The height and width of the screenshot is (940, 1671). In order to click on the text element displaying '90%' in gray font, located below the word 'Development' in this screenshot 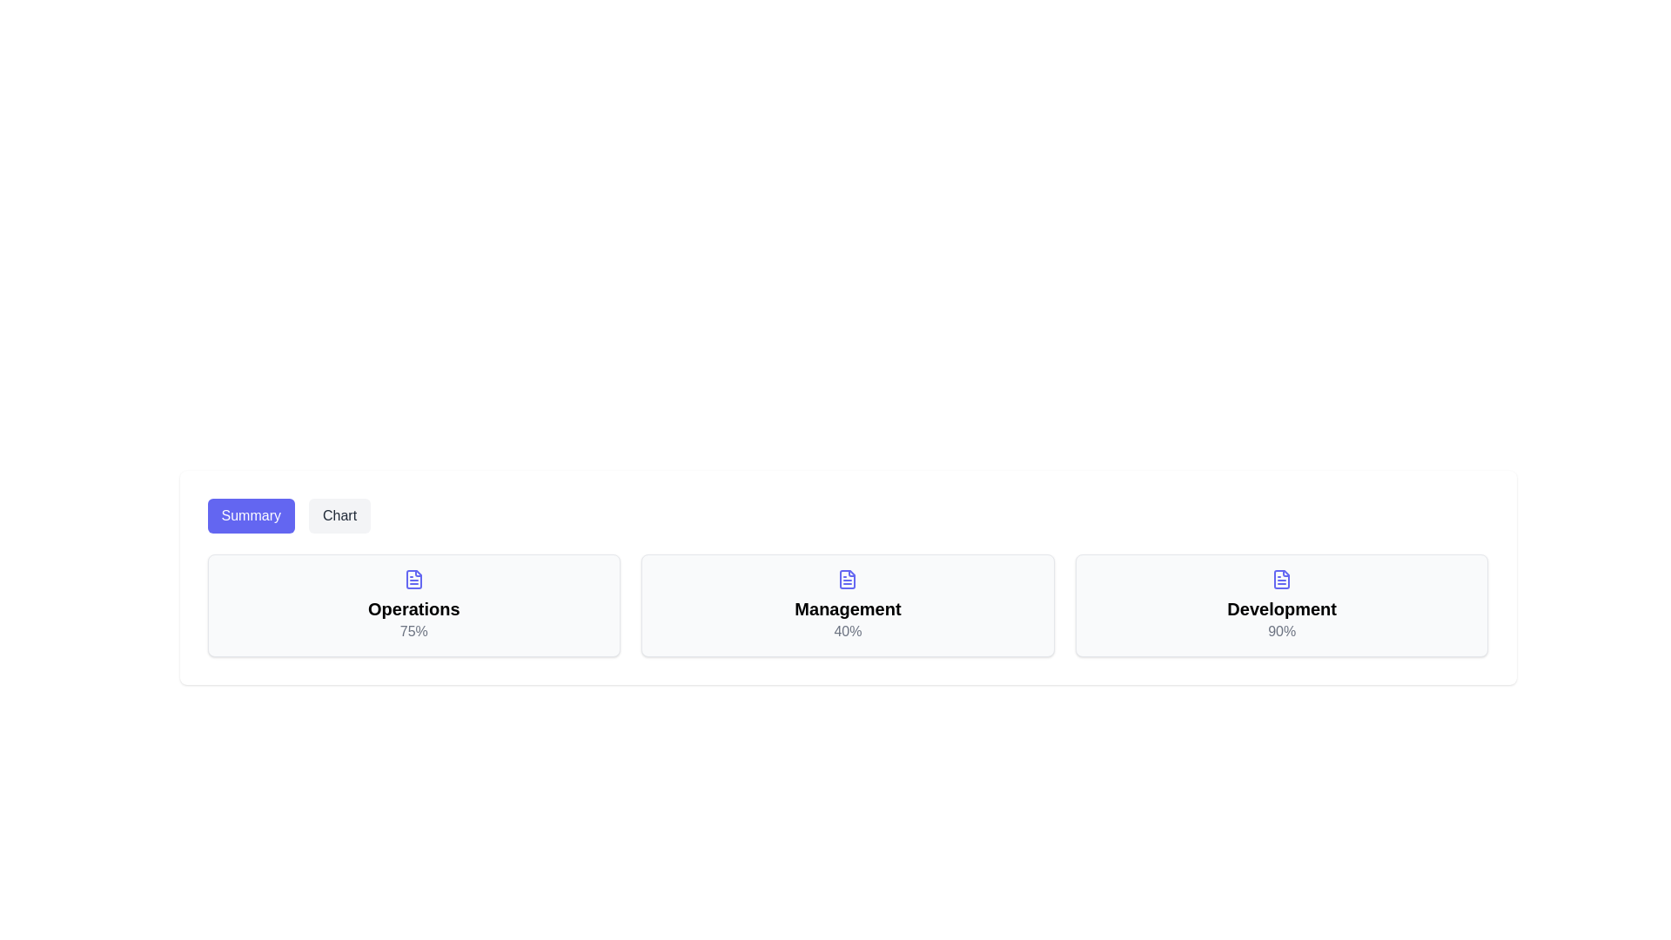, I will do `click(1282, 631)`.